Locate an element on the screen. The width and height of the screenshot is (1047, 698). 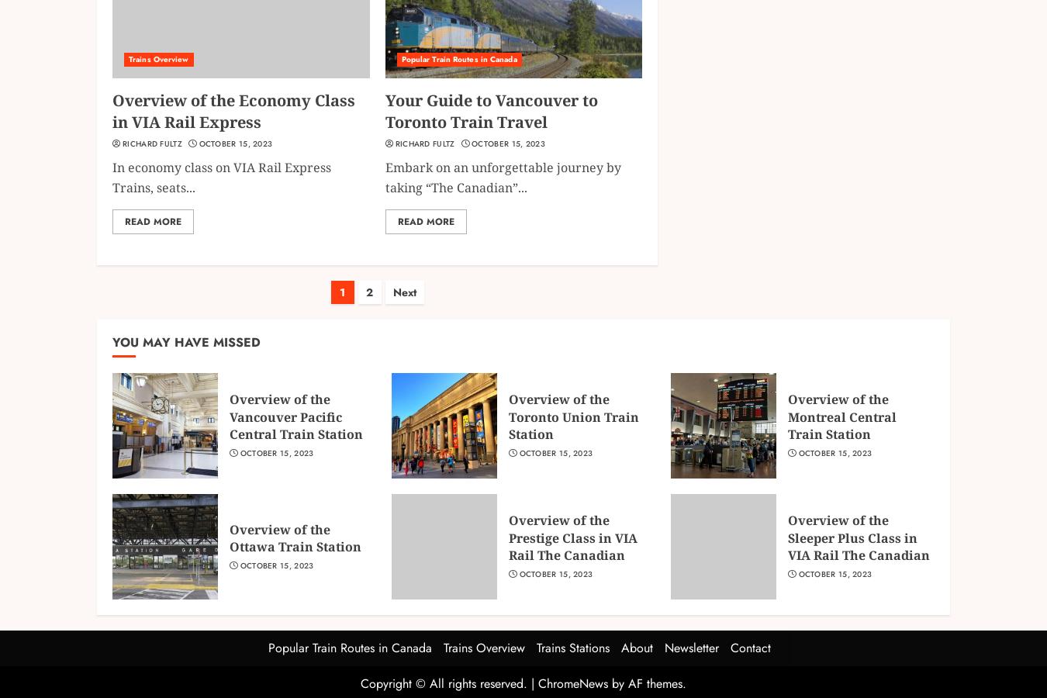
'Overview of the Prestige Class in VIA Rail The Canadian' is located at coordinates (572, 537).